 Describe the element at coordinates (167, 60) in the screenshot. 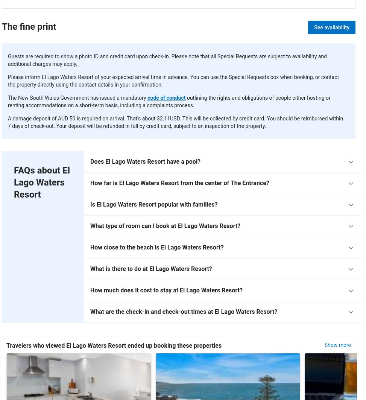

I see `'Guests are required to show a photo ID and credit card upon check-in. Please note that all Special Requests are subject to availability and additional charges may apply.'` at that location.